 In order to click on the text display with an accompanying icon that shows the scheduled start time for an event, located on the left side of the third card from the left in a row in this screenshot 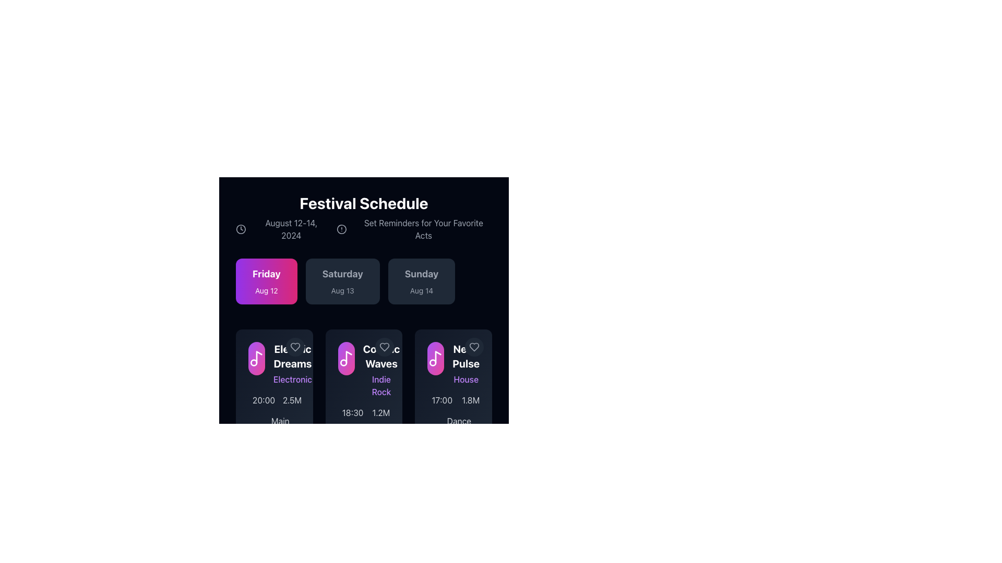, I will do `click(438, 399)`.